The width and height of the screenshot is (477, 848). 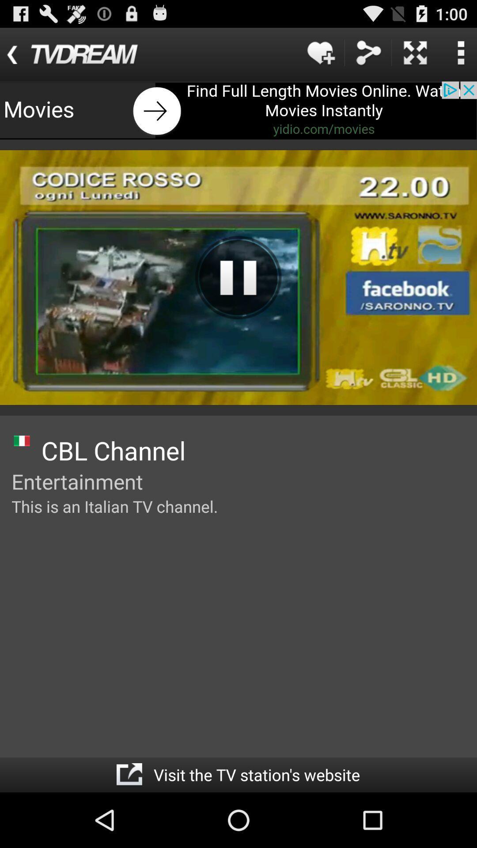 What do you see at coordinates (129, 829) in the screenshot?
I see `the share icon` at bounding box center [129, 829].